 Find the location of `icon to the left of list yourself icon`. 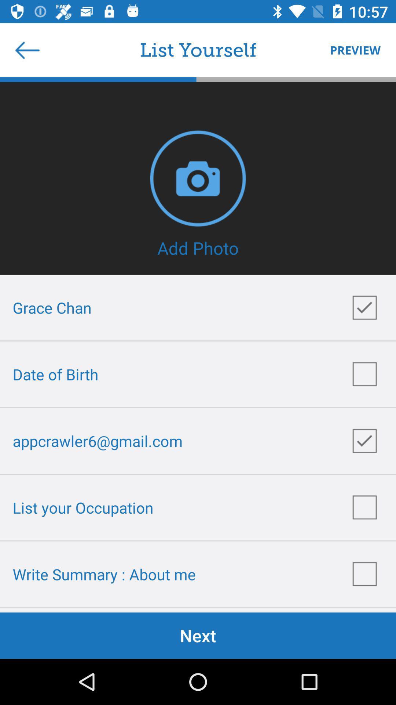

icon to the left of list yourself icon is located at coordinates (27, 50).